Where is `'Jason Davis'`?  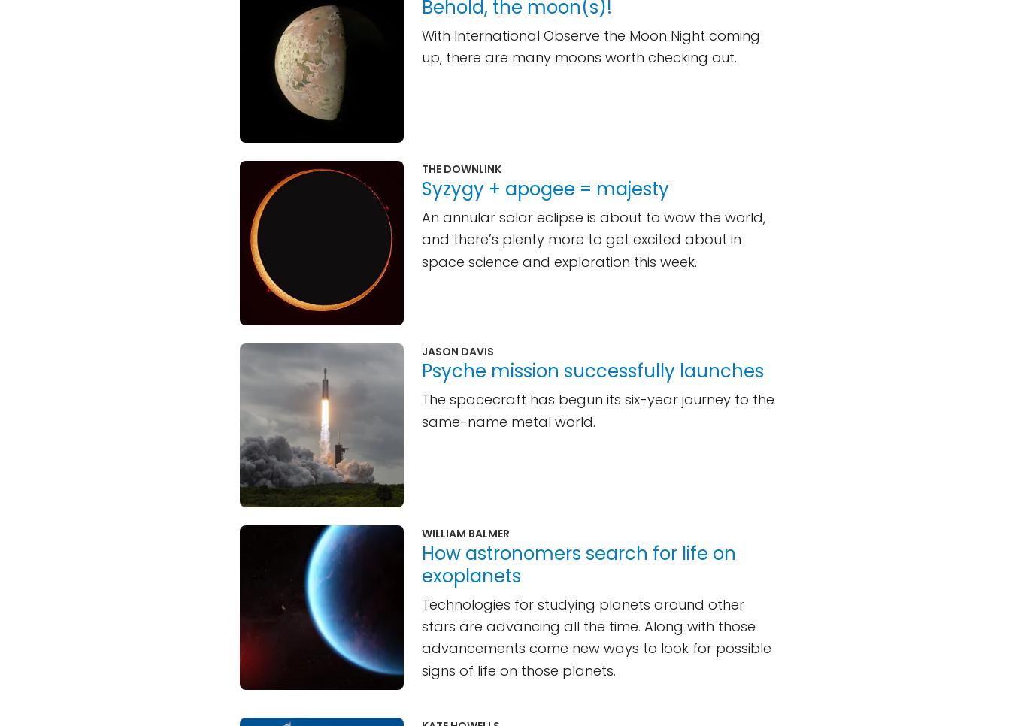
'Jason Davis' is located at coordinates (457, 350).